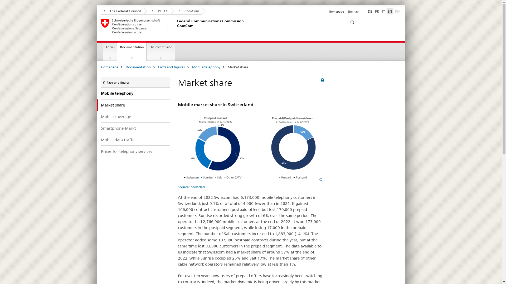  Describe the element at coordinates (135, 139) in the screenshot. I see `'Mobile data traffic'` at that location.